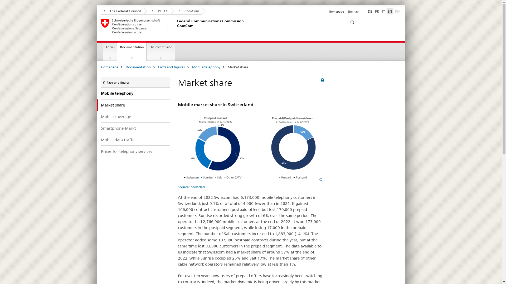  Describe the element at coordinates (135, 139) in the screenshot. I see `'Mobile data traffic'` at that location.